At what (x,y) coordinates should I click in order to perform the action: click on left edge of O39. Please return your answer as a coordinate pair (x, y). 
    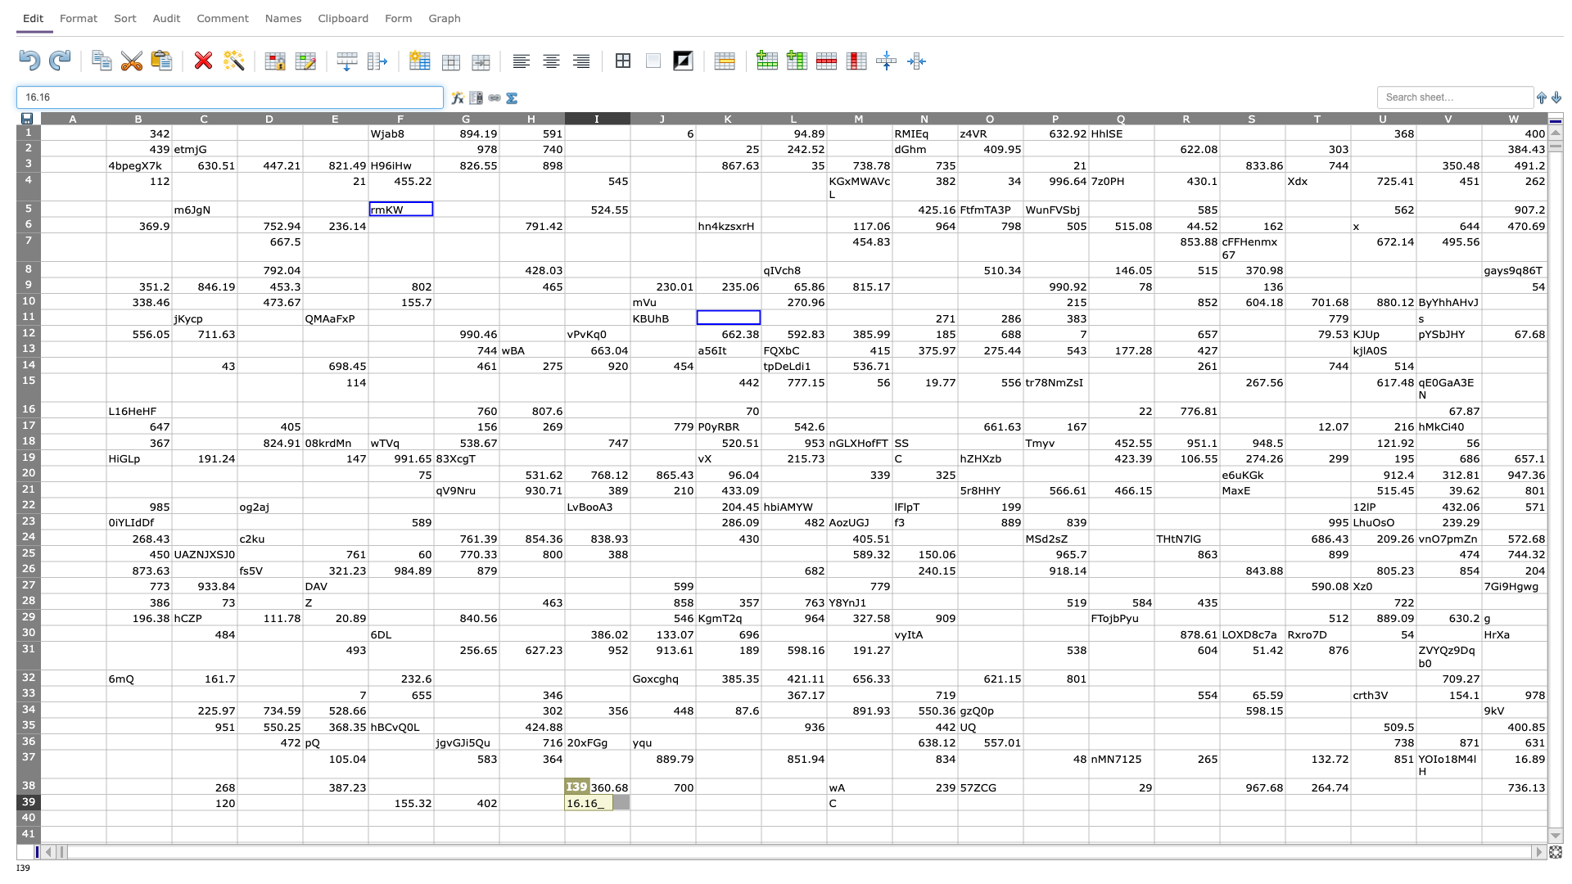
    Looking at the image, I should click on (958, 801).